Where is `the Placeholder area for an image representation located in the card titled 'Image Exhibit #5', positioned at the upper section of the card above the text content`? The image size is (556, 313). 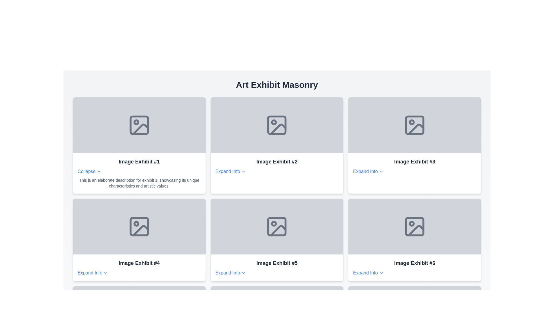 the Placeholder area for an image representation located in the card titled 'Image Exhibit #5', positioned at the upper section of the card above the text content is located at coordinates (277, 226).